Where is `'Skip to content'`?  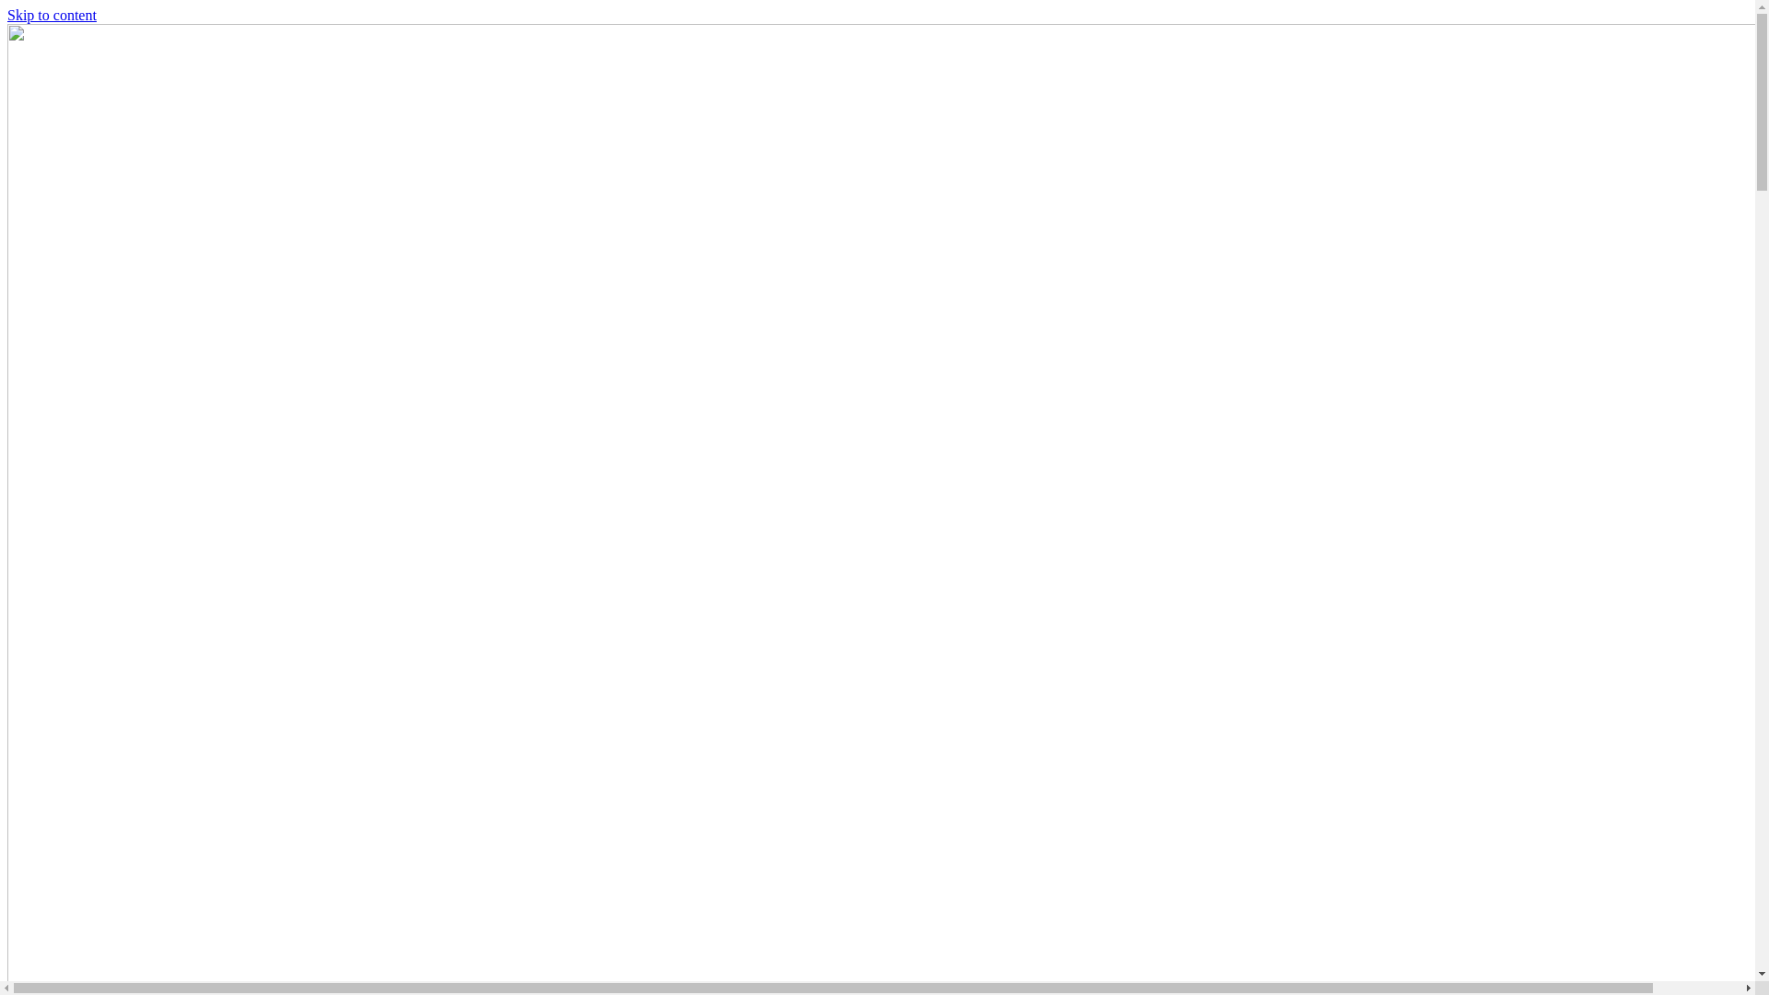
'Skip to content' is located at coordinates (52, 15).